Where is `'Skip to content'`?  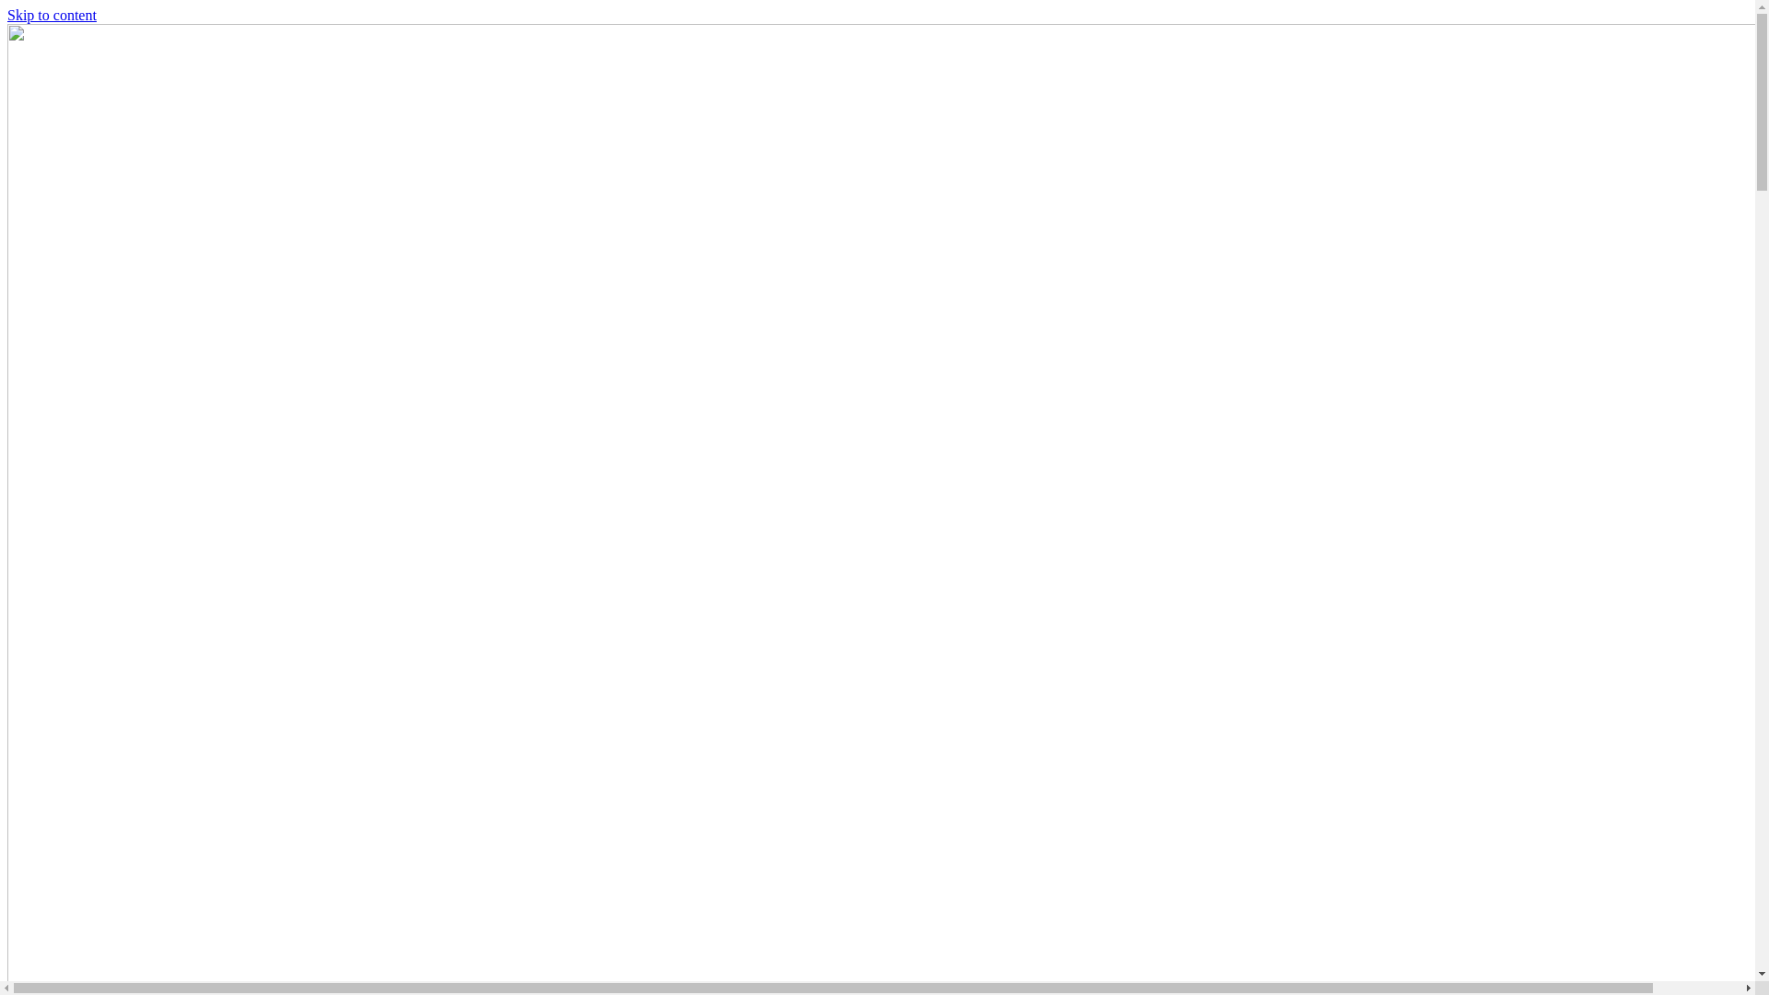
'Skip to content' is located at coordinates (52, 15).